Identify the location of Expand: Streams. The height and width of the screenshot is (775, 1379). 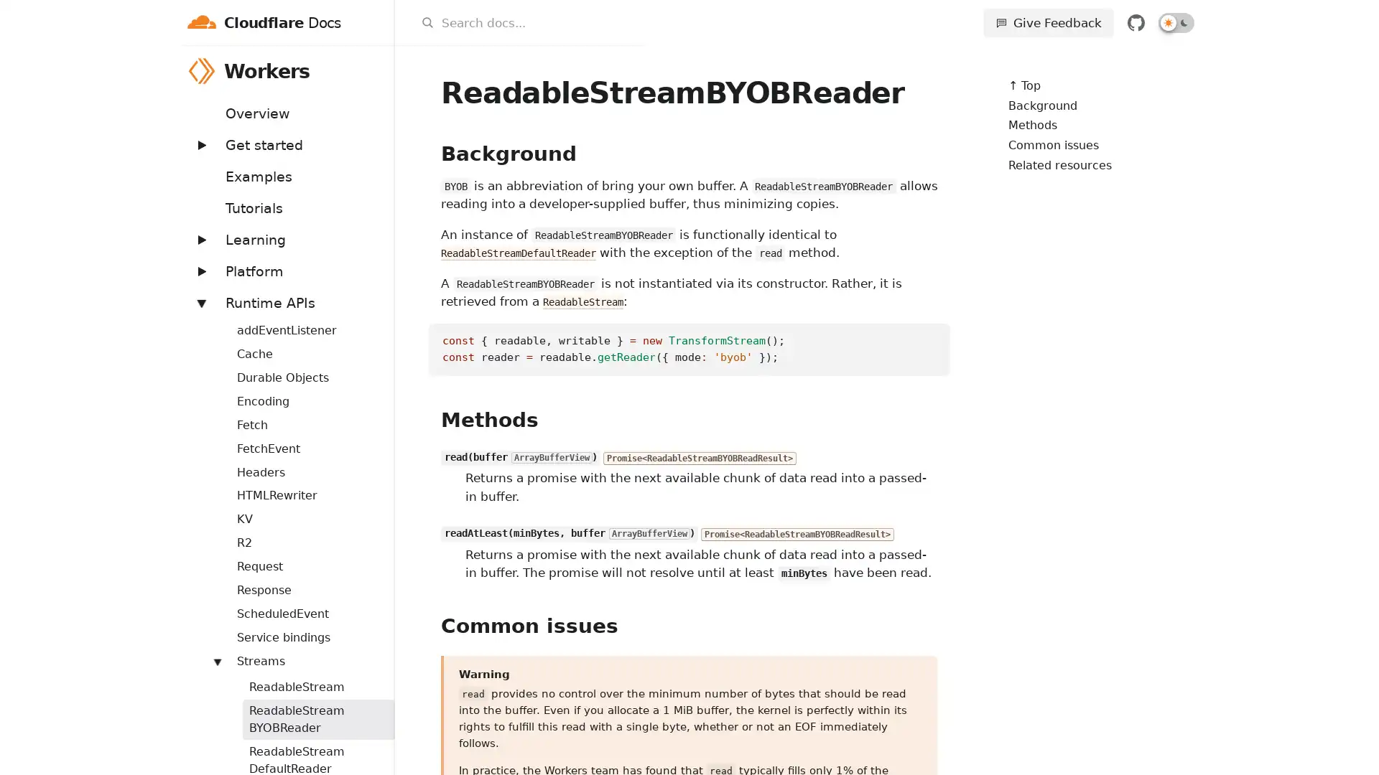
(216, 661).